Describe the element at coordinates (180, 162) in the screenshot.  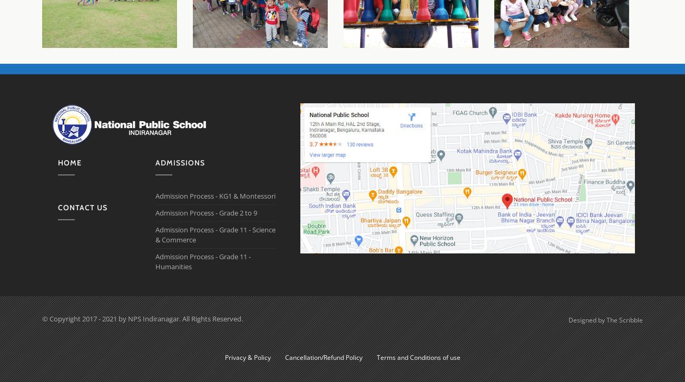
I see `'Admissions'` at that location.